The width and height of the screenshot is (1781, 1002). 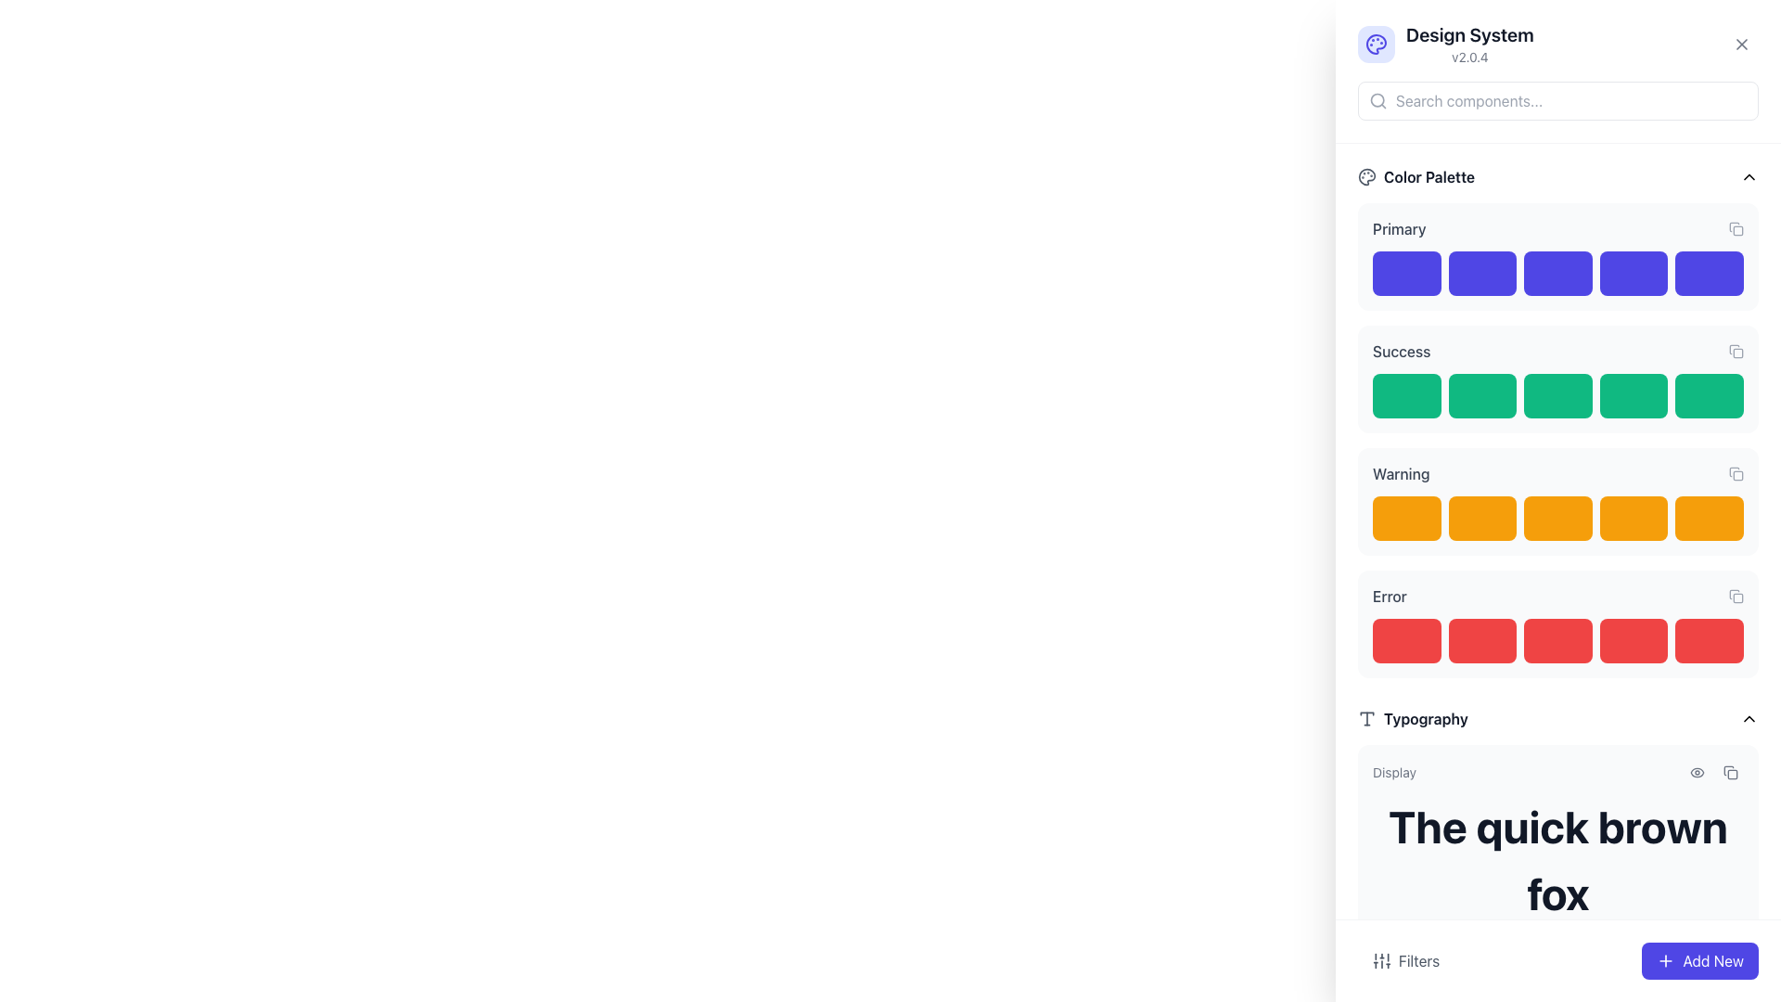 I want to click on the artist's palette icon, which is a rounded shape with circular cutouts and an indigo color, so click(x=1376, y=43).